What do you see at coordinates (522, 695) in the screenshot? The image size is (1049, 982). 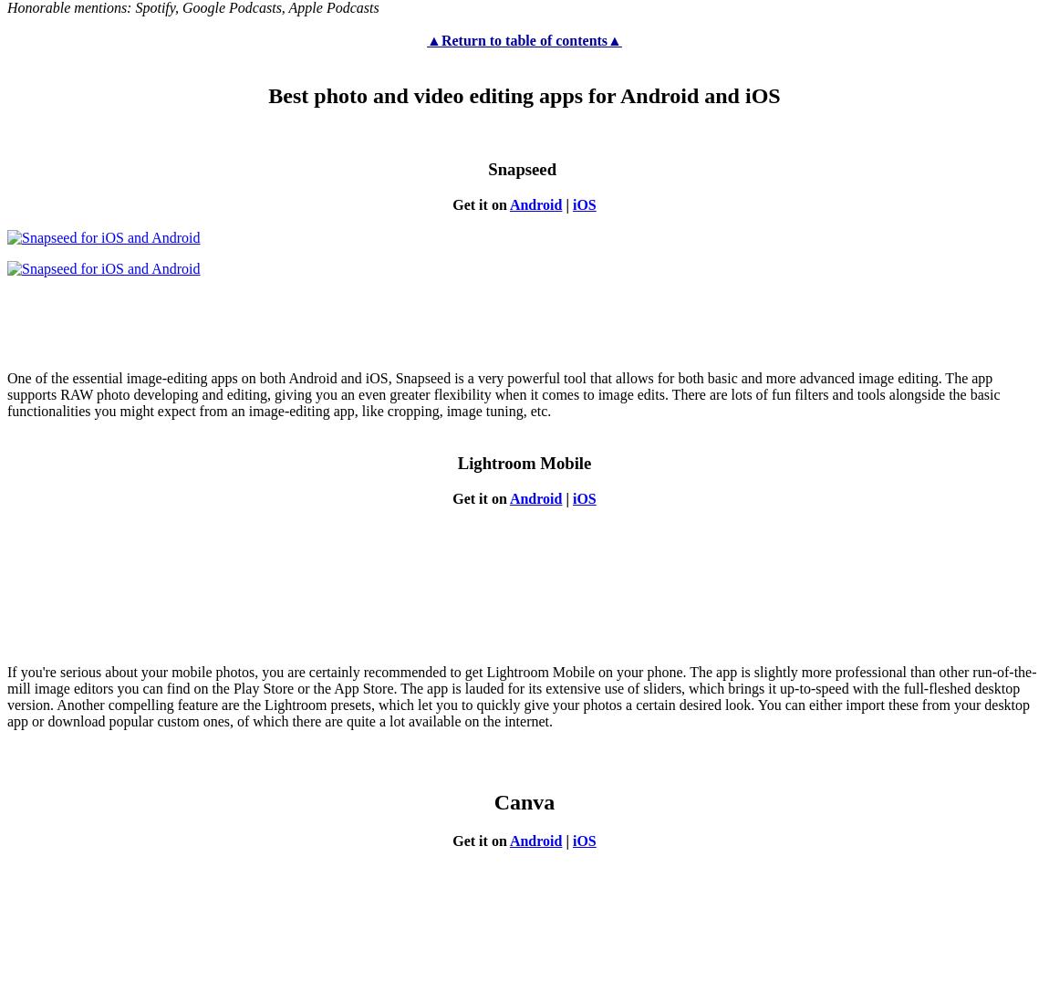 I see `'If you're serious about your mobile photos, you are certainly recommended to get Lightroom Mobile on your phone. The app is slightly more professional than other run-of-the-mill image editors you can find on the Play Store or the App Store. The app is lauded for its extensive use of sliders, which brings it up-to-speed with the full-fleshed desktop version. Another compelling feature are the Lightroom presets, which let you to quickly give your photos a certain desired look. You can either import these from your desktop app or download popular custom ones, of which there are quite a lot available on the internet.'` at bounding box center [522, 695].